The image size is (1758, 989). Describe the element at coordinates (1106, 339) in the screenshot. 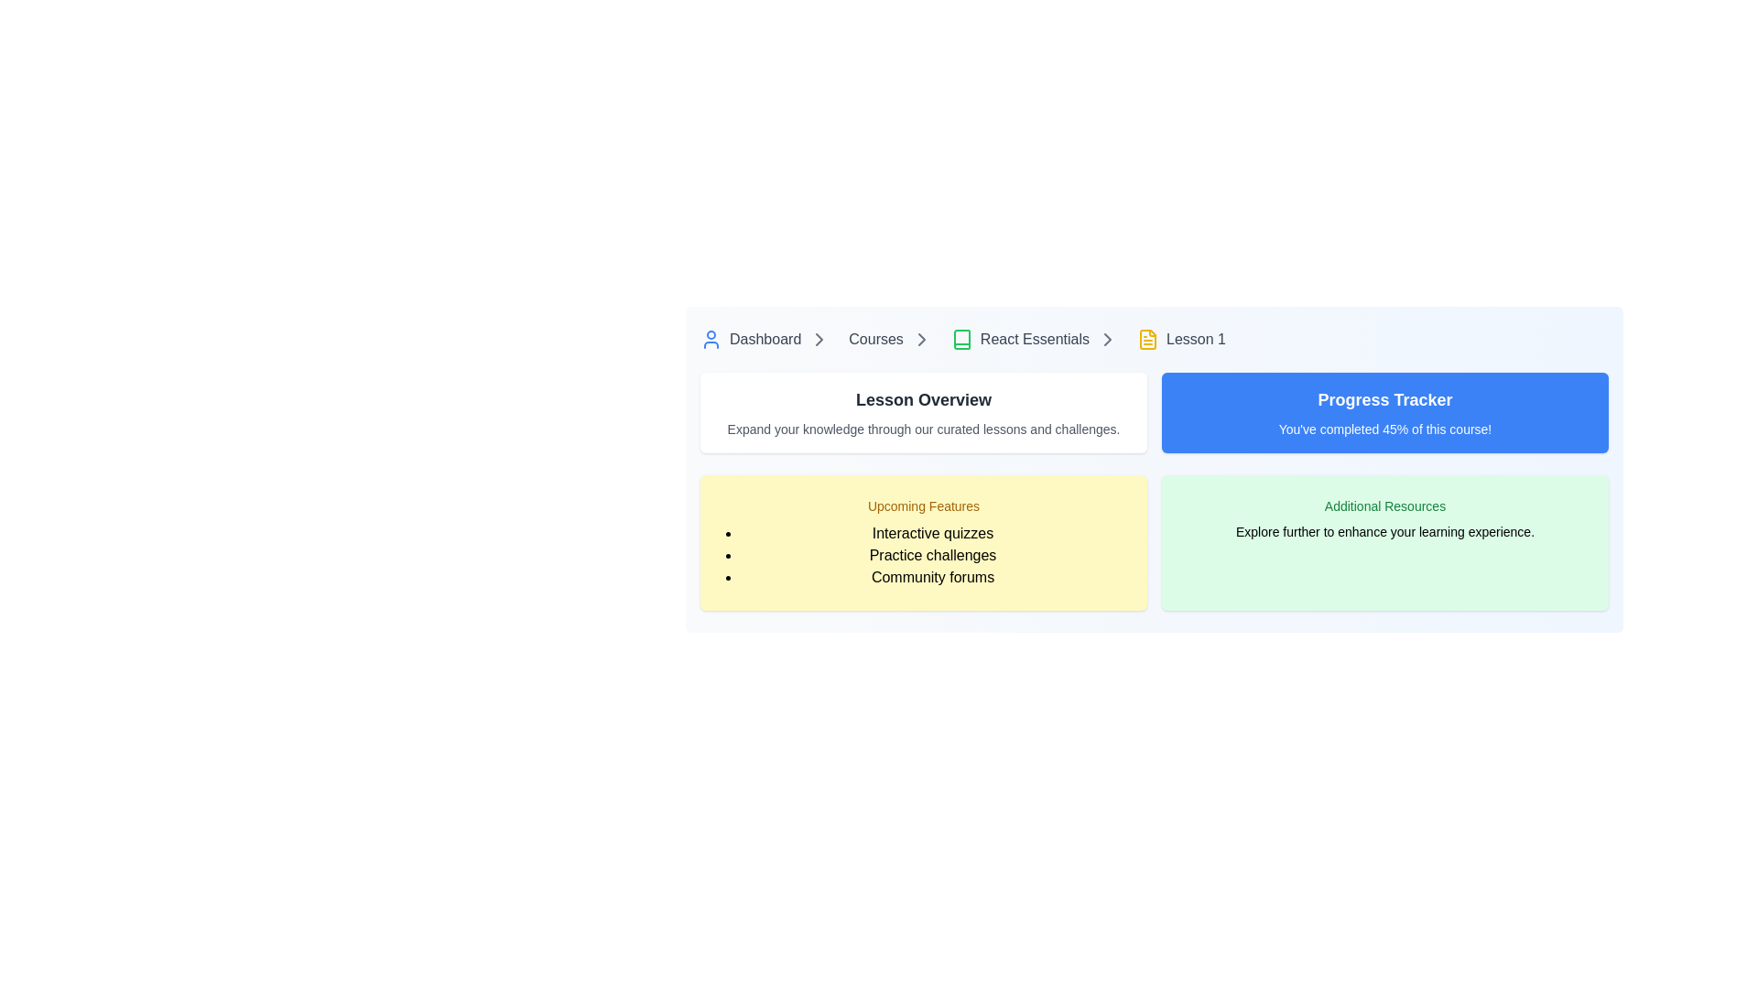

I see `the breadcrumb navigation icon that indicates progression between 'React Essentials' and 'Lesson 1'` at that location.